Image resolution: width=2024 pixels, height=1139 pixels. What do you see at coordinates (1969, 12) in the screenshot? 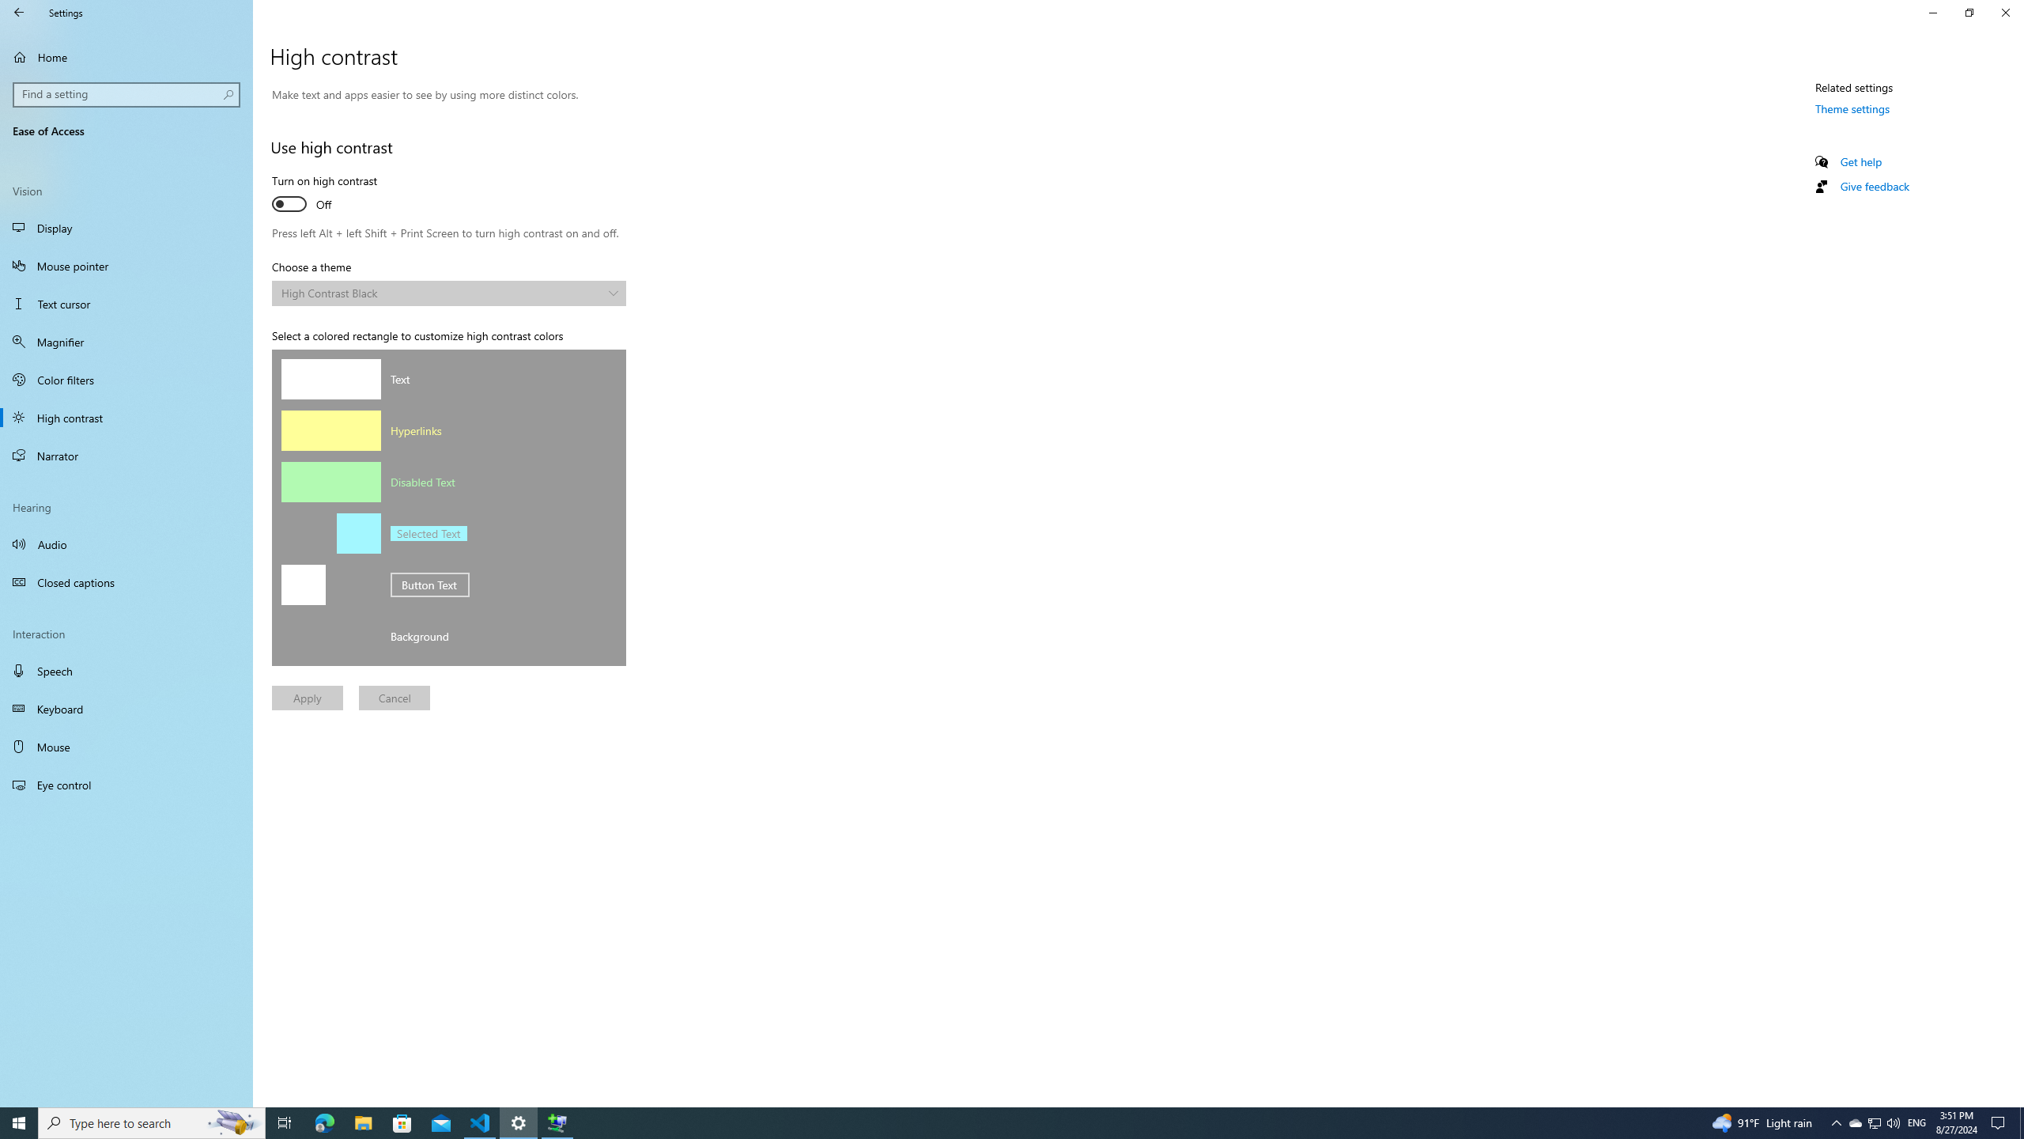
I see `'Restore Settings'` at bounding box center [1969, 12].